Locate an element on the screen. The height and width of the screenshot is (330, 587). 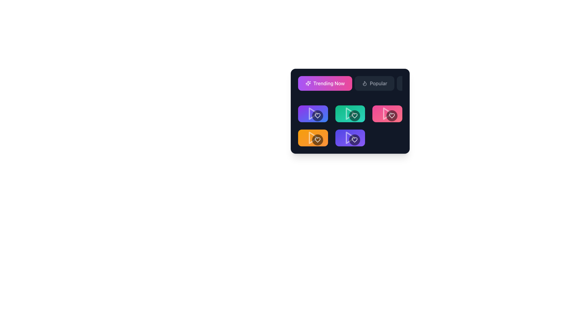
the 'Trending Now' text label in the top-left rectangular button of the primary content card is located at coordinates (328, 83).